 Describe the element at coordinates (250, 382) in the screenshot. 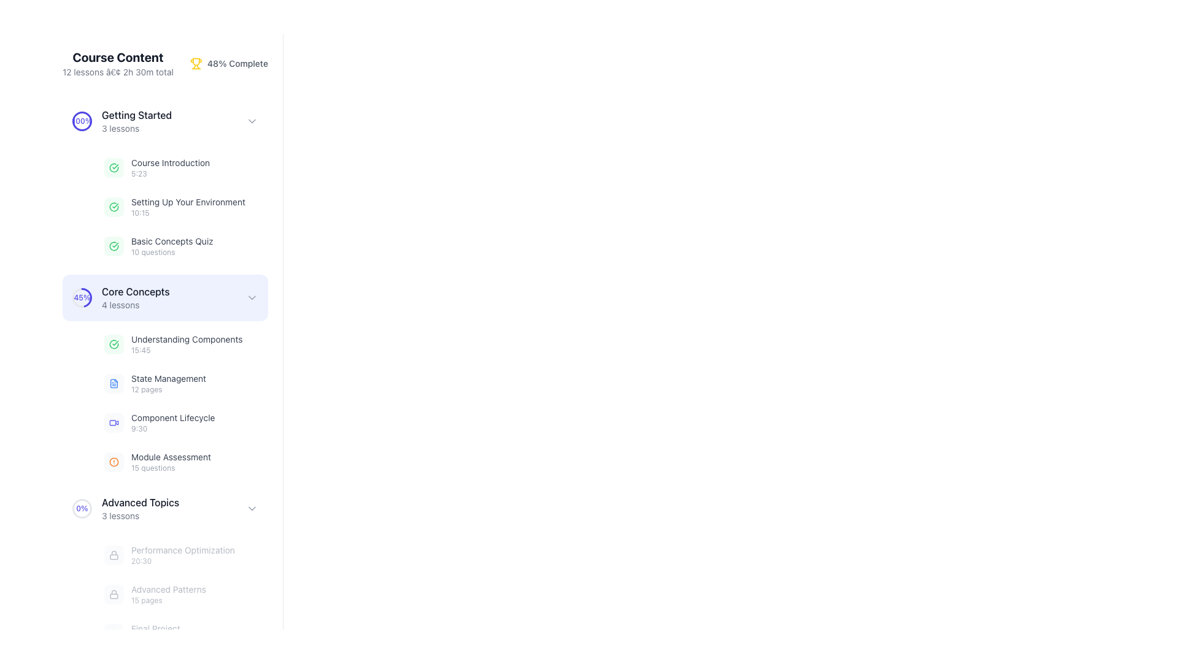

I see `the button located on the right-hand side of the 'State Management' row in the 'Core Concepts' section` at that location.